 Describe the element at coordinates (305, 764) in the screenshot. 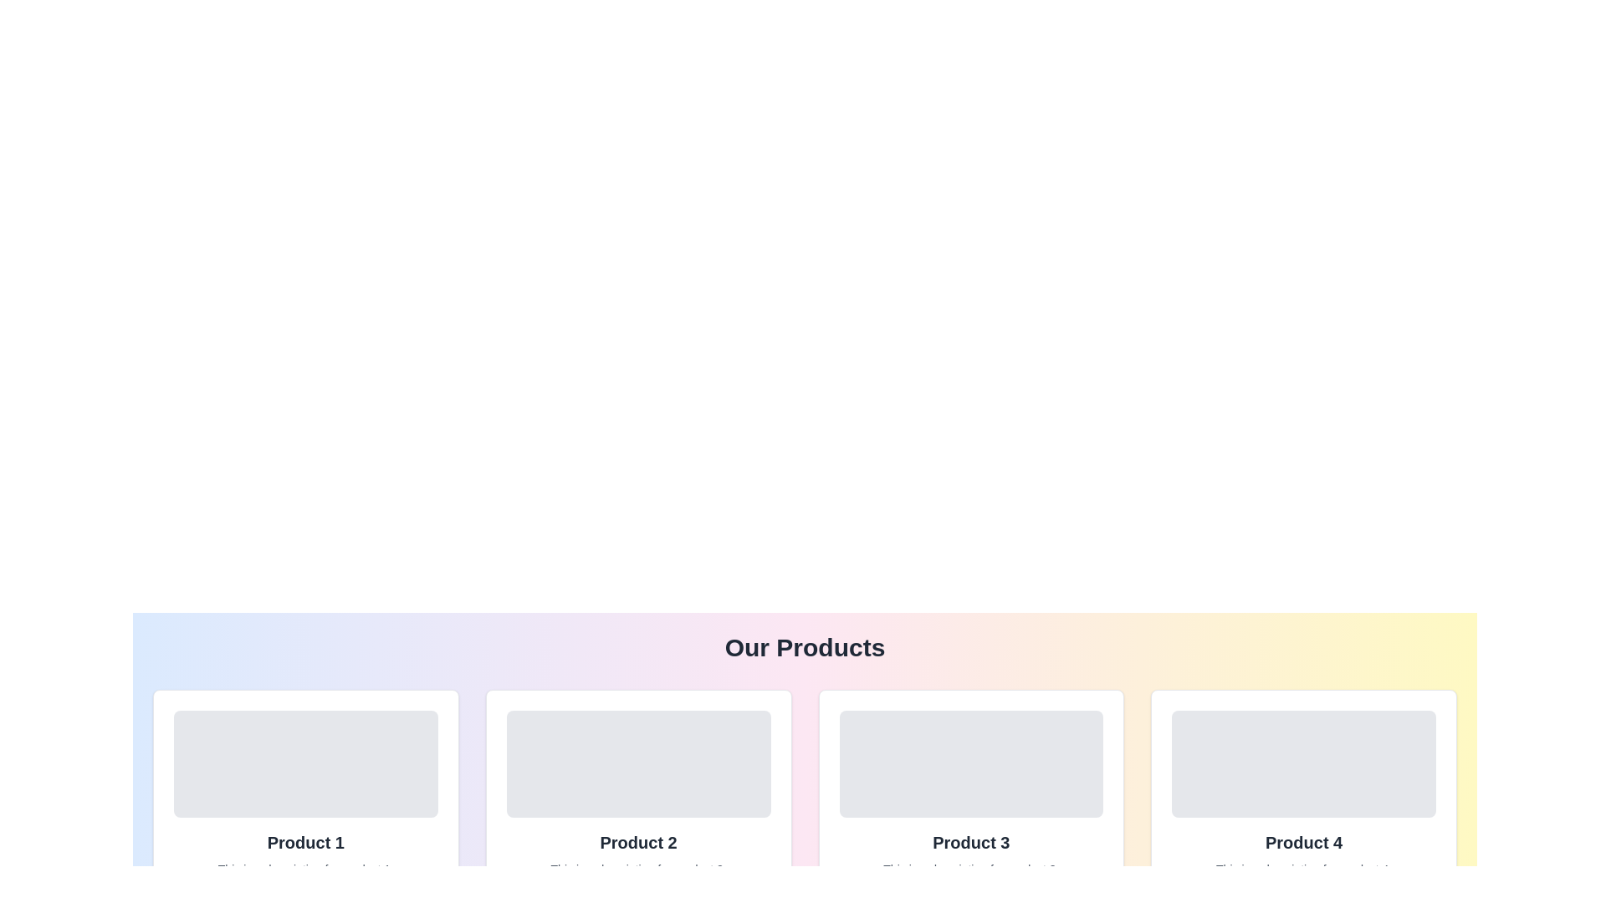

I see `the rounded gray rectangle Image Placeholder located at the top of the product card for 'Product 1', which is positioned directly above the product name and description` at that location.